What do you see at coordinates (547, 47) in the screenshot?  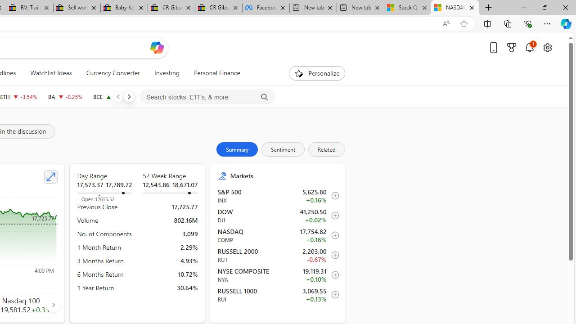 I see `'Open settings'` at bounding box center [547, 47].